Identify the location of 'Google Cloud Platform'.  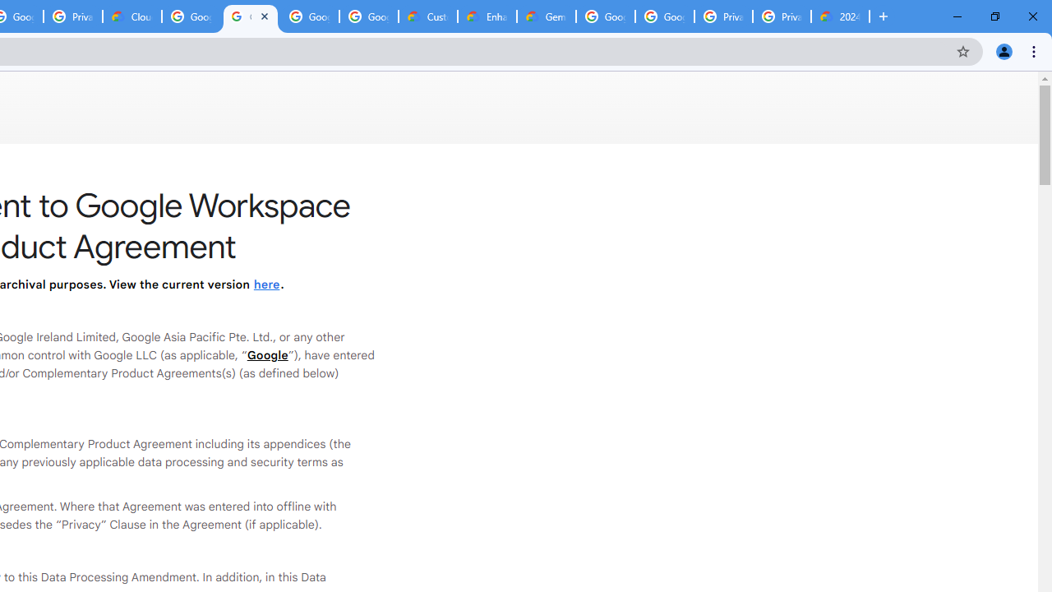
(664, 16).